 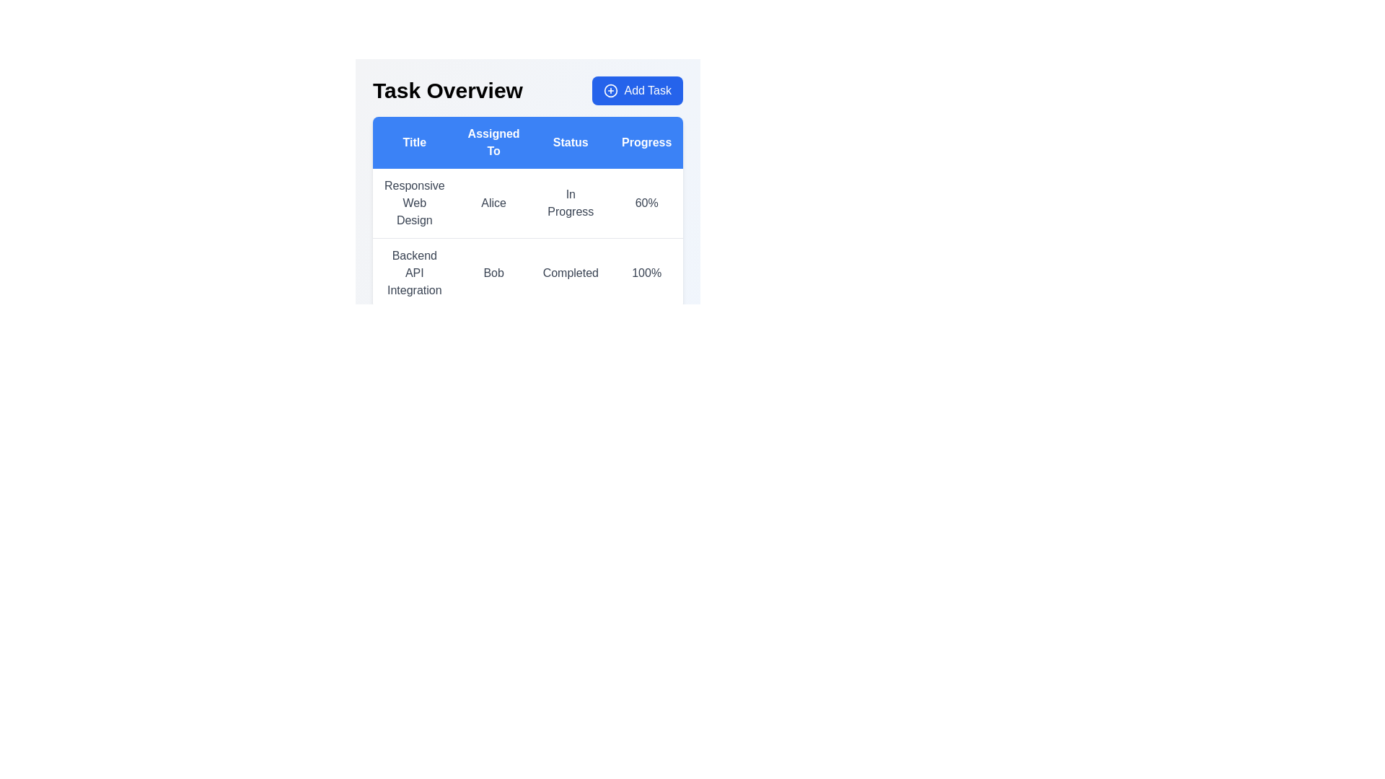 I want to click on the static text label displaying 'In Progress' located in the 'Status' column of the table, so click(x=570, y=203).